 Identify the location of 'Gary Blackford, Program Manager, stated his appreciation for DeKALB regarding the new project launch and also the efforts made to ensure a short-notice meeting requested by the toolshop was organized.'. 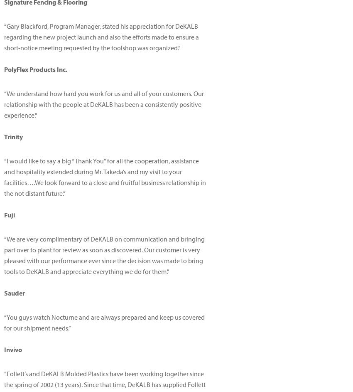
(101, 37).